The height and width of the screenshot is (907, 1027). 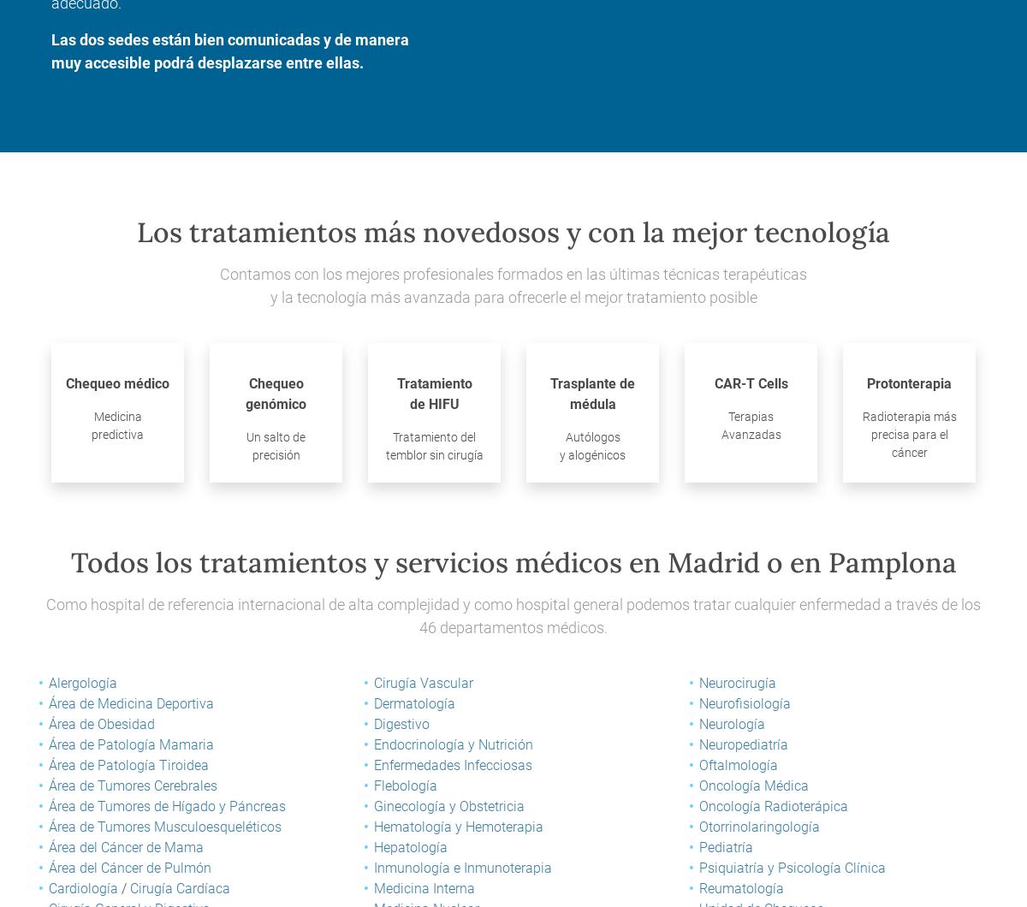 I want to click on 'y alogénicos', so click(x=592, y=453).